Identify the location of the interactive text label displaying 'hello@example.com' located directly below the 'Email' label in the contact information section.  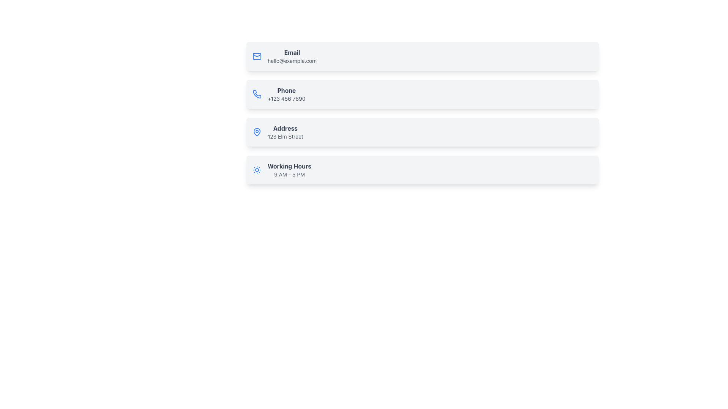
(292, 61).